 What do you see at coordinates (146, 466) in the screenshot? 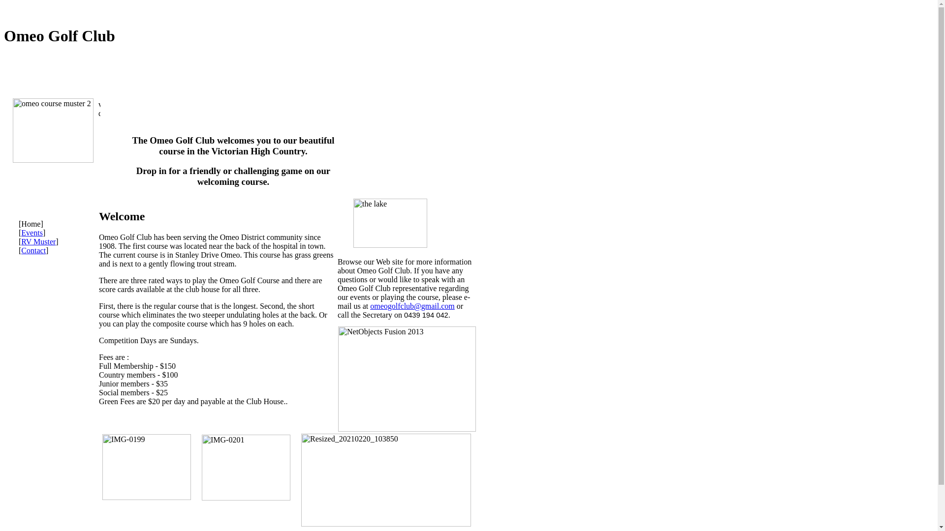
I see `'IMG-0199'` at bounding box center [146, 466].